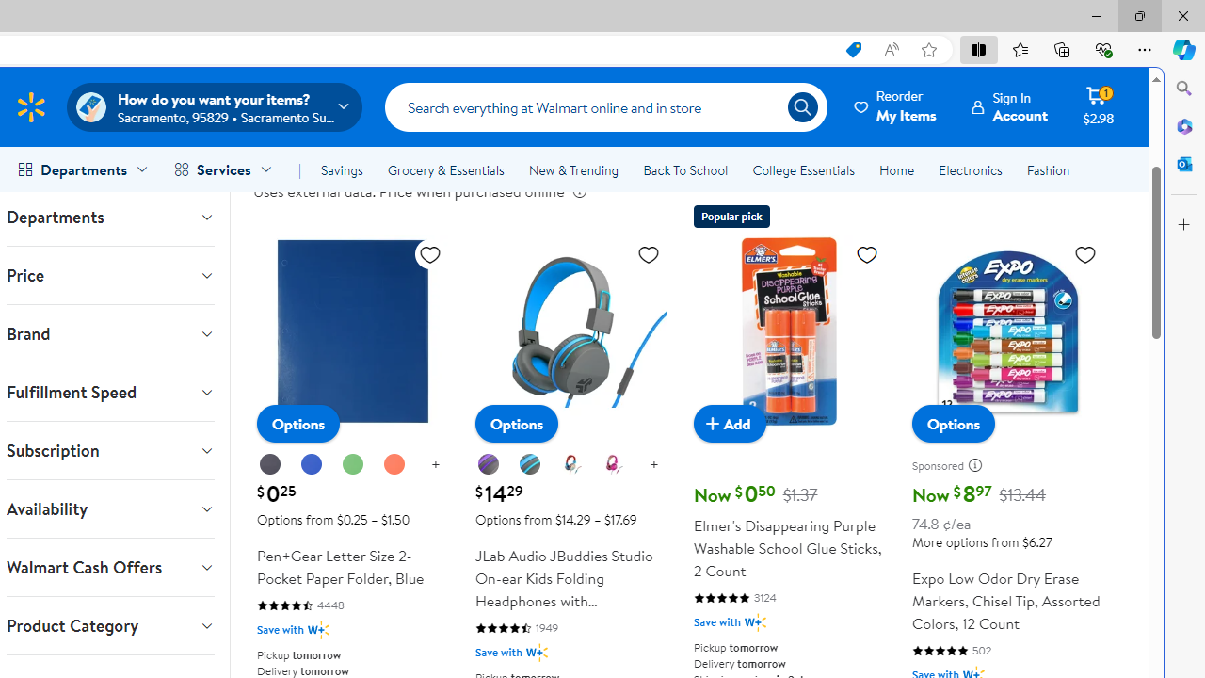 The height and width of the screenshot is (678, 1205). What do you see at coordinates (1047, 170) in the screenshot?
I see `'Fashion'` at bounding box center [1047, 170].